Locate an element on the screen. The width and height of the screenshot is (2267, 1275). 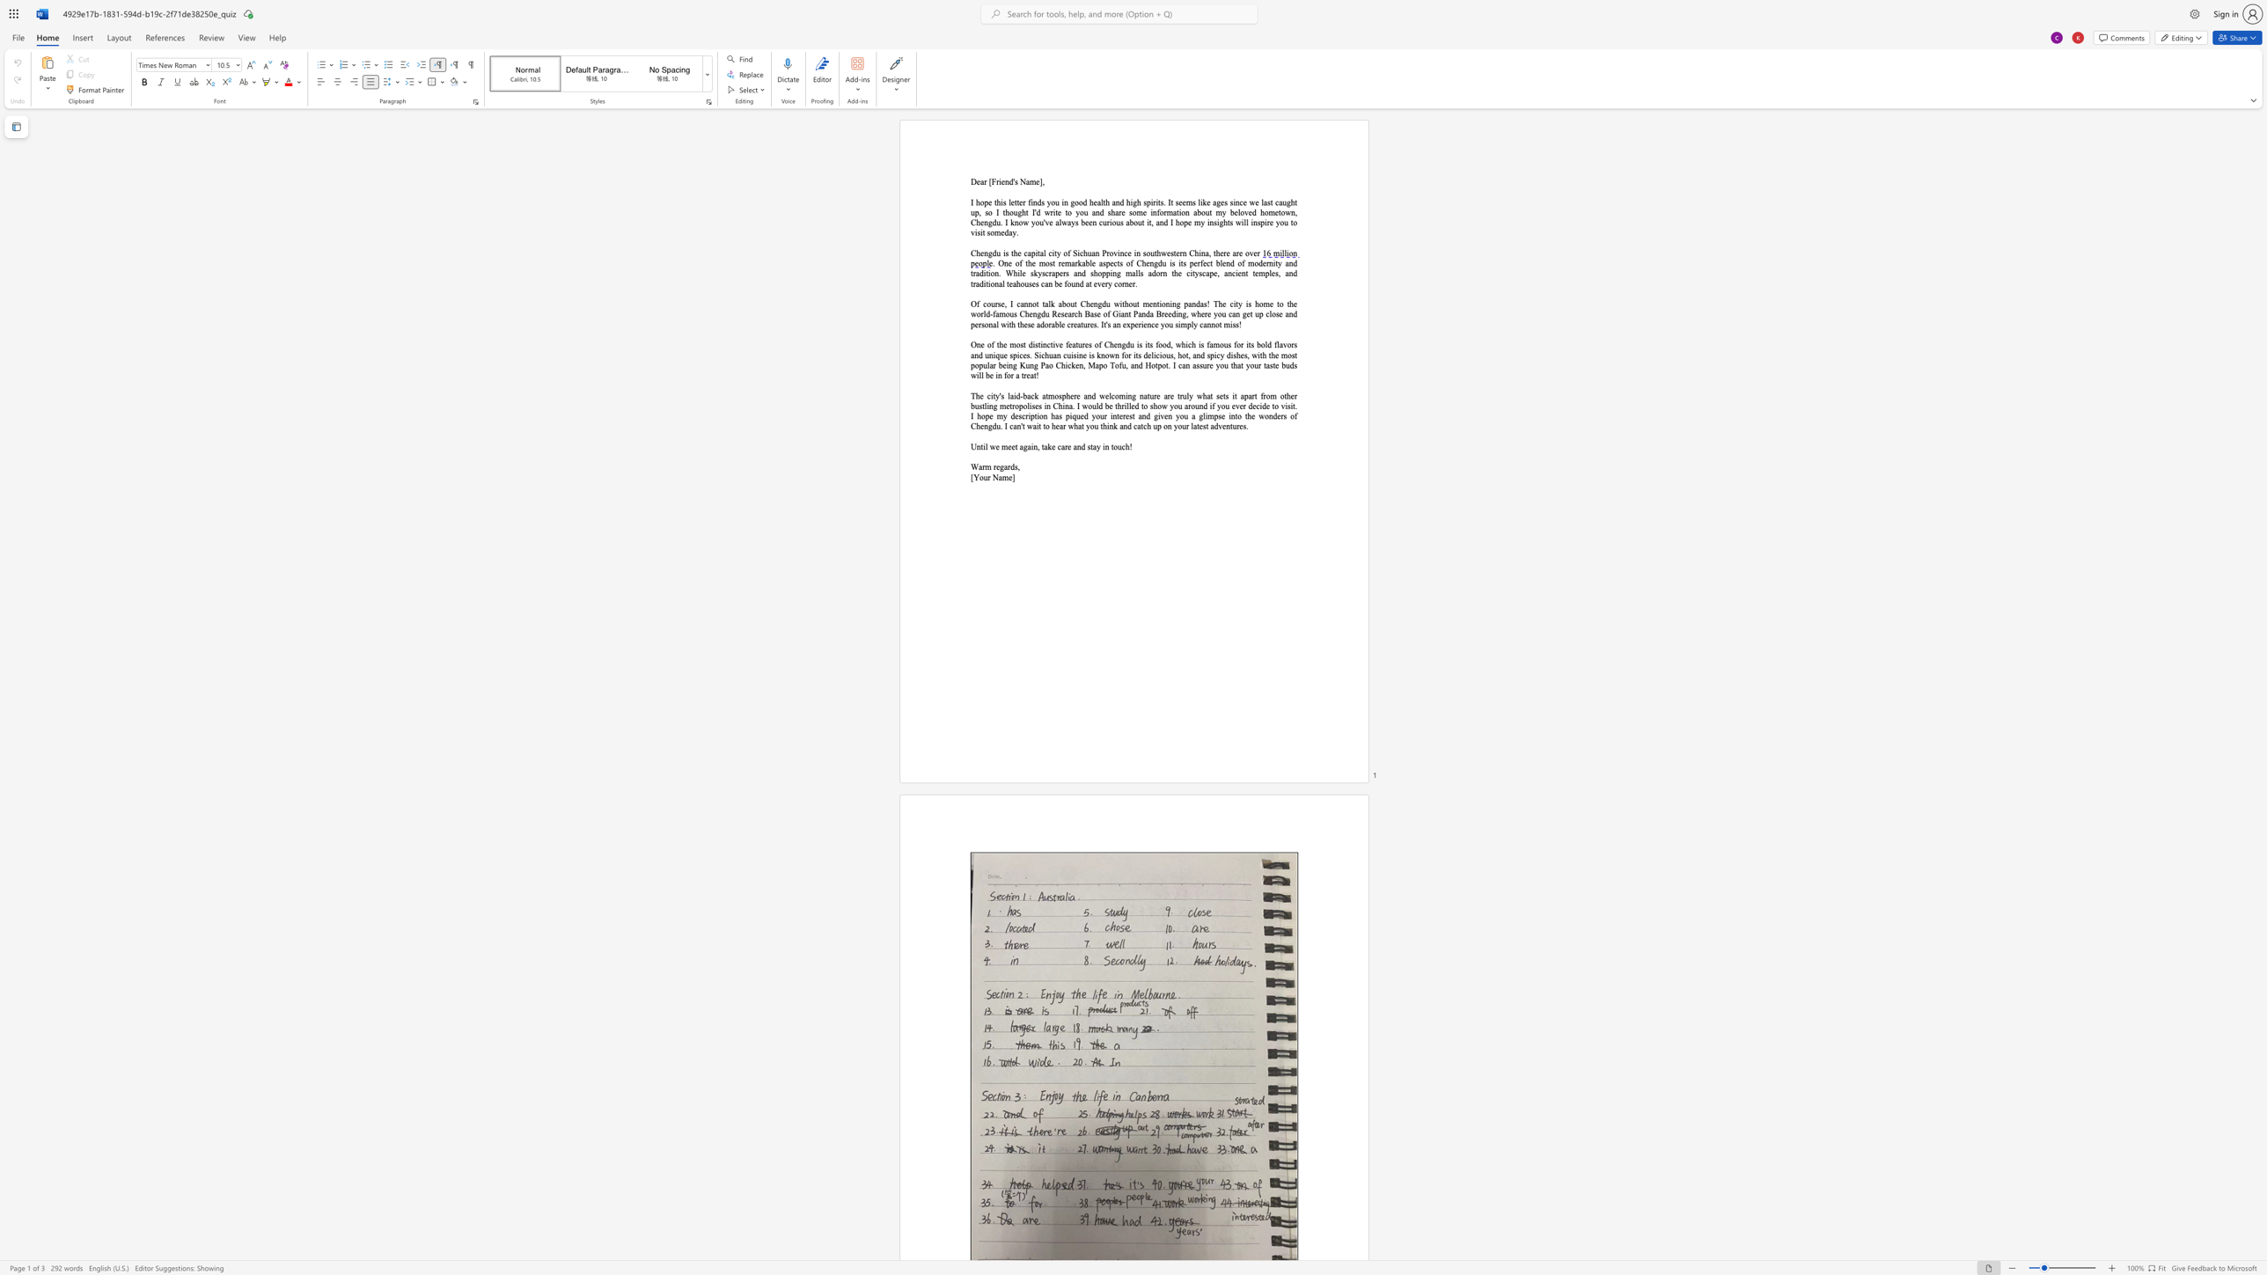
the space between the continuous character "i" and "e" in the text is located at coordinates (1001, 181).